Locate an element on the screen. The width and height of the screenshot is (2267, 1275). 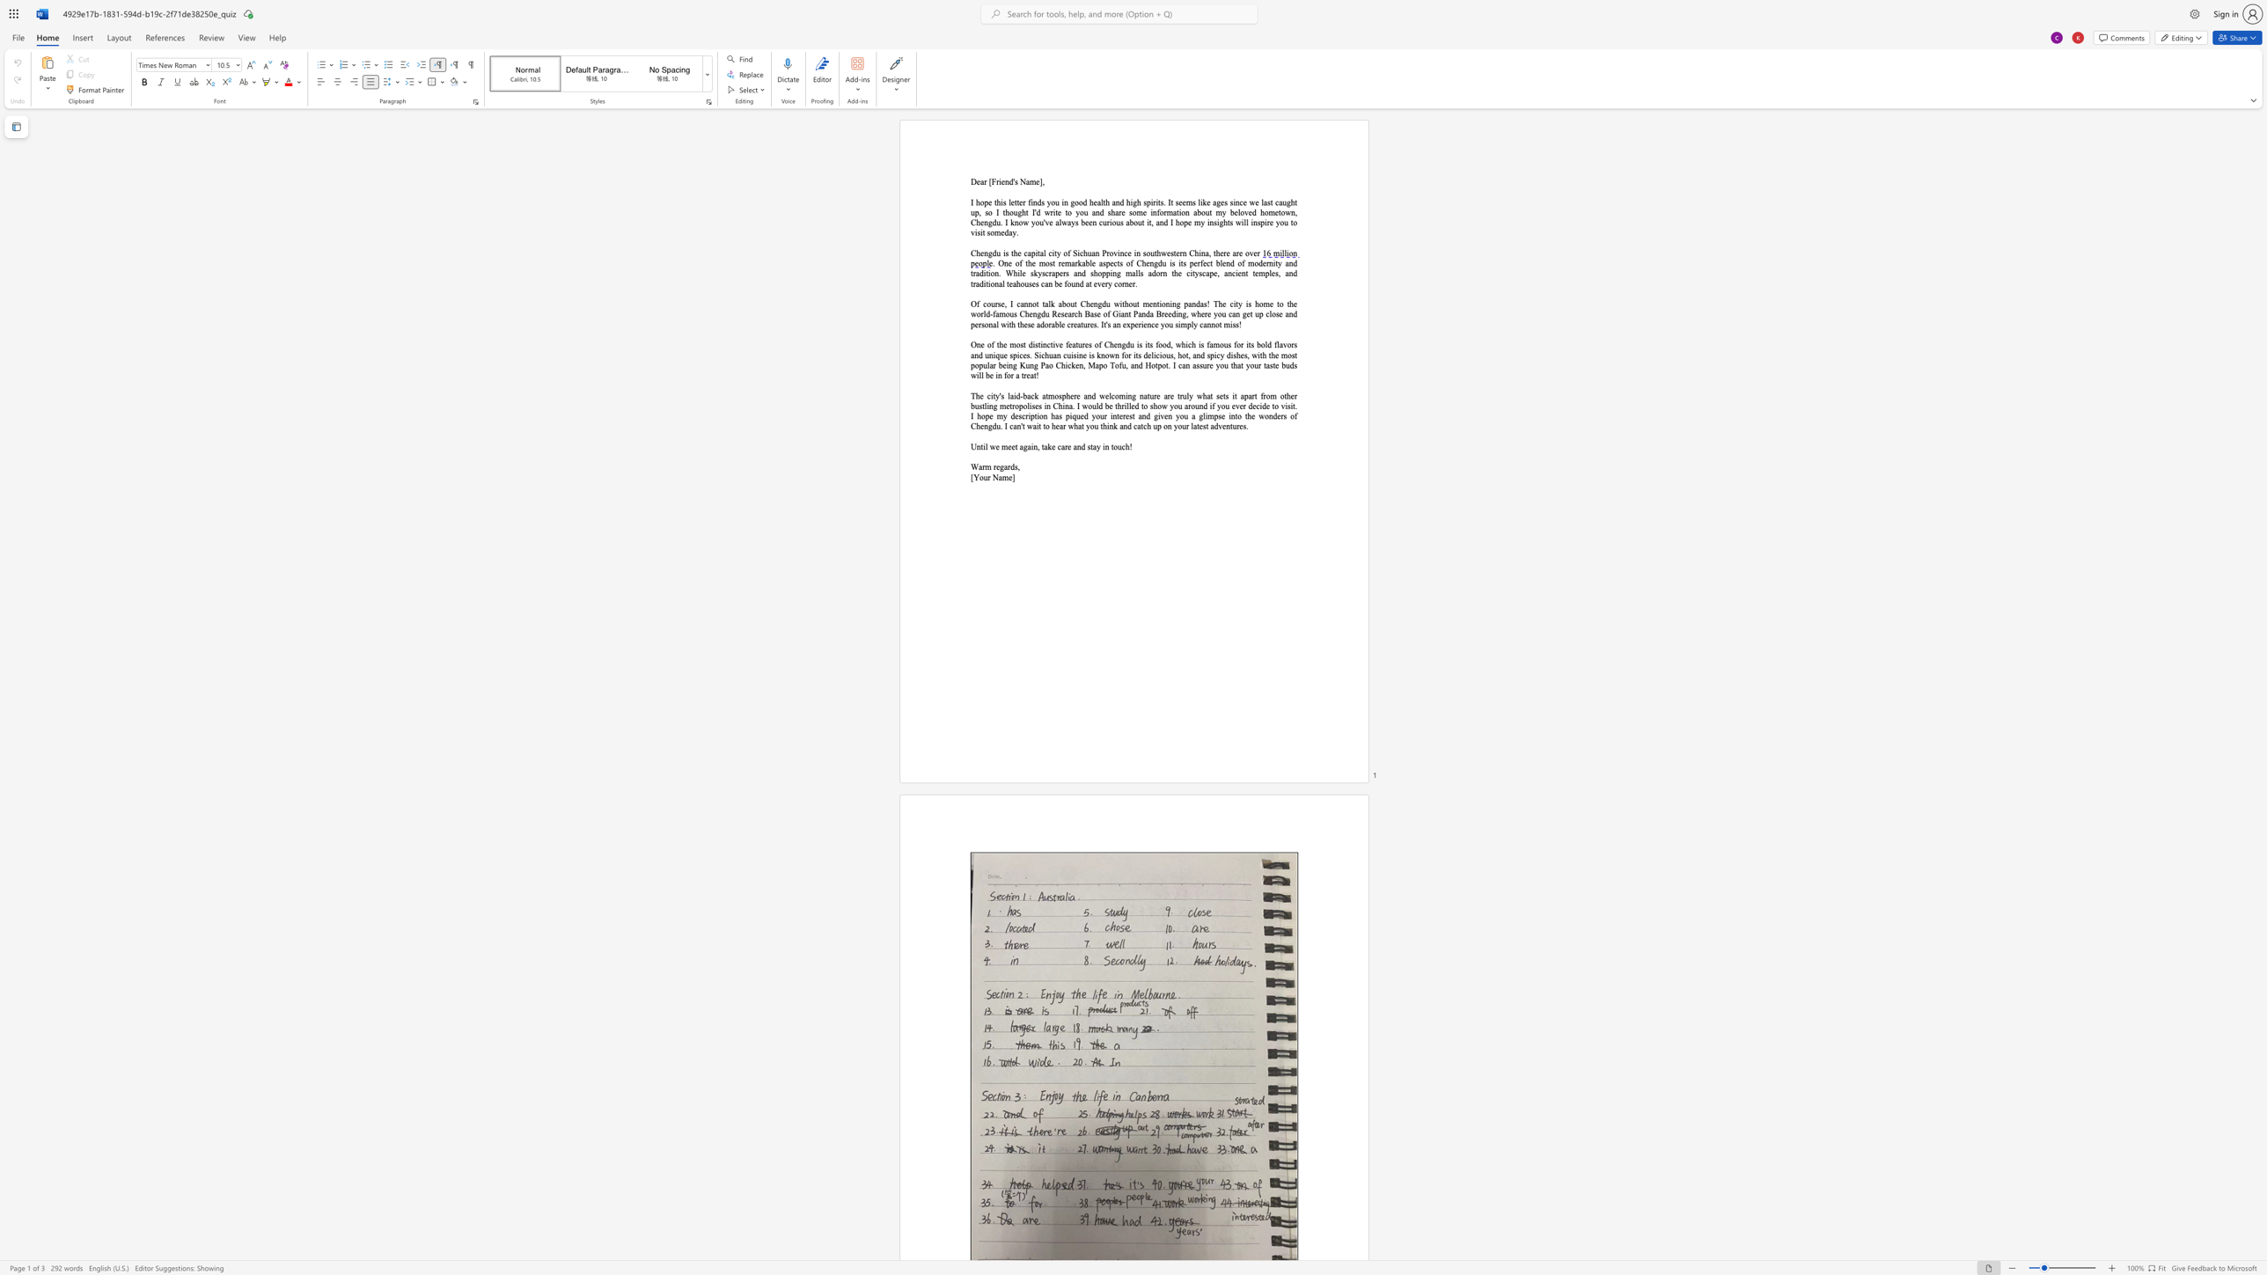
the space between the continuous character "i" and "e" in the text is located at coordinates (1001, 181).